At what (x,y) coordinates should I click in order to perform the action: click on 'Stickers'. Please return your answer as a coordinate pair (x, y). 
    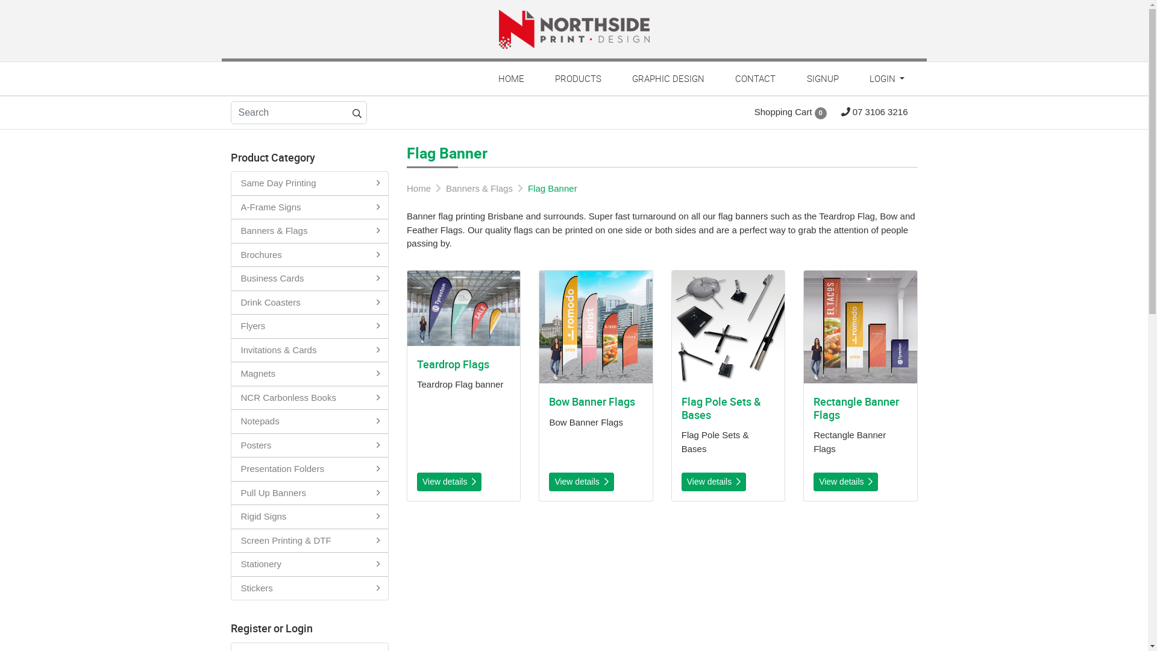
    Looking at the image, I should click on (231, 588).